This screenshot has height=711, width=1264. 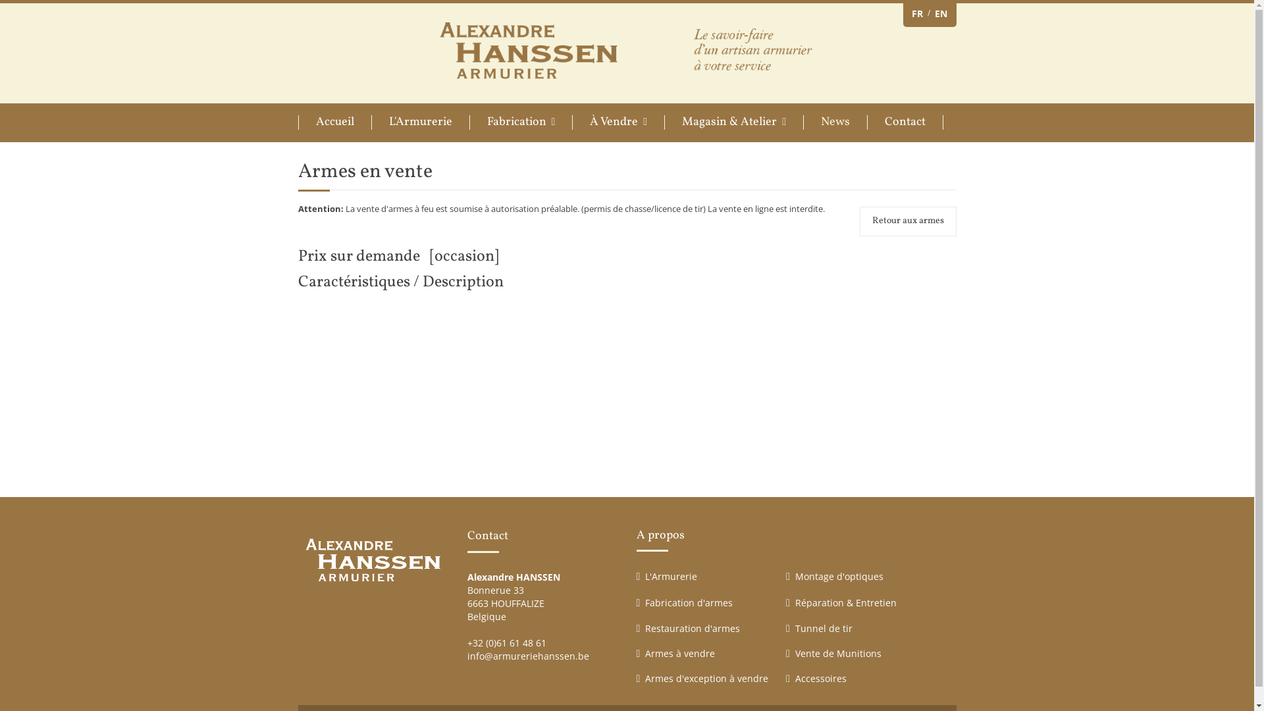 What do you see at coordinates (688, 602) in the screenshot?
I see `'Fabrication d'armes'` at bounding box center [688, 602].